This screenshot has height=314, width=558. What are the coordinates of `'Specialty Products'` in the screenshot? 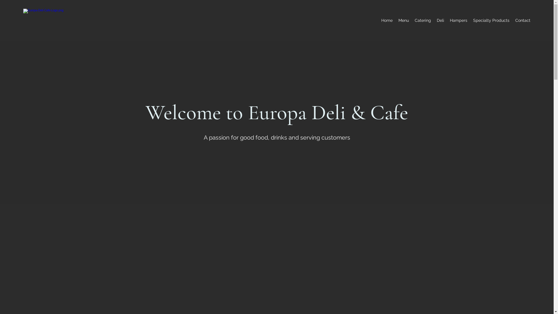 It's located at (491, 20).